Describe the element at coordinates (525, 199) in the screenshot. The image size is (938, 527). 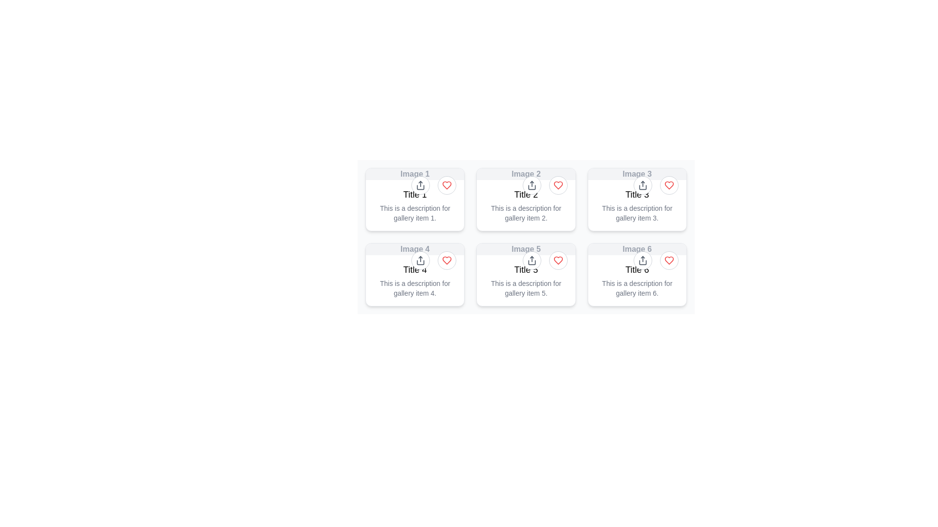
I see `the second card in the first row of the grid layout` at that location.